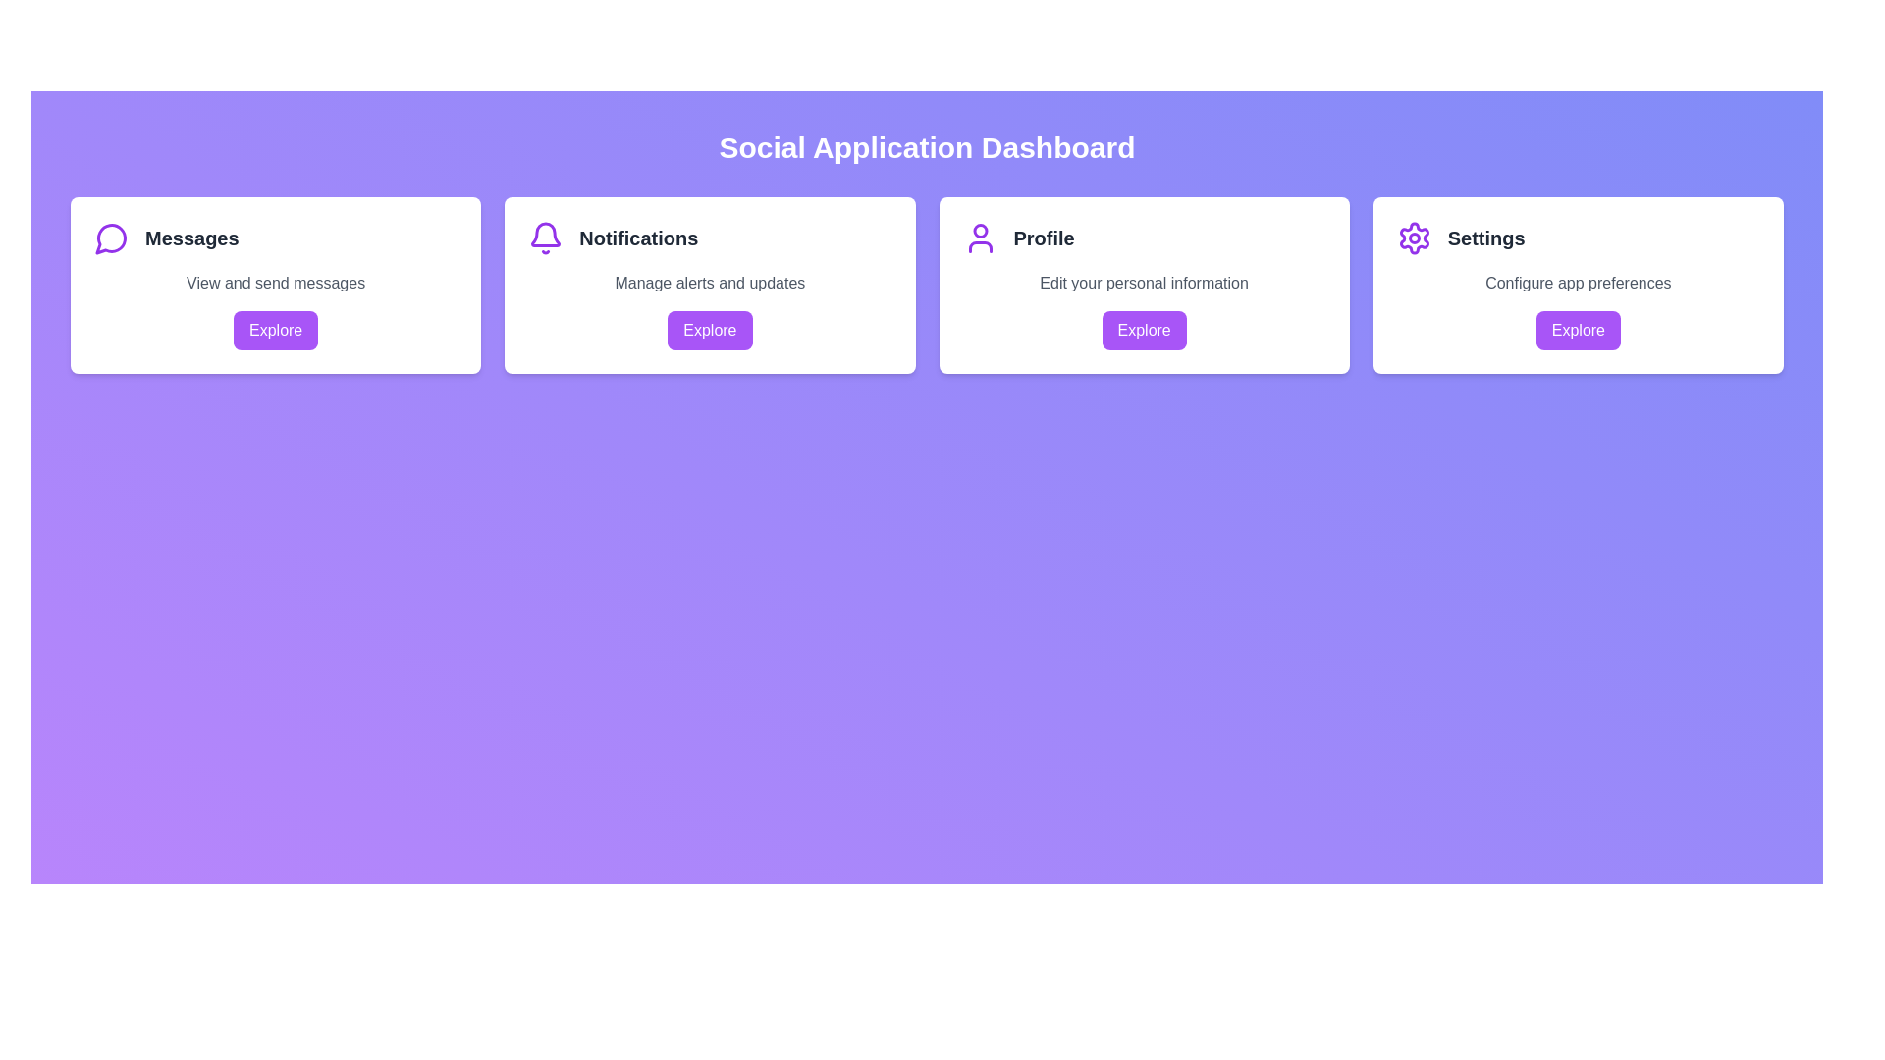  Describe the element at coordinates (275, 329) in the screenshot. I see `the button located at the bottom-center of the 'Messages' card, underneath the 'View and send messages' text` at that location.